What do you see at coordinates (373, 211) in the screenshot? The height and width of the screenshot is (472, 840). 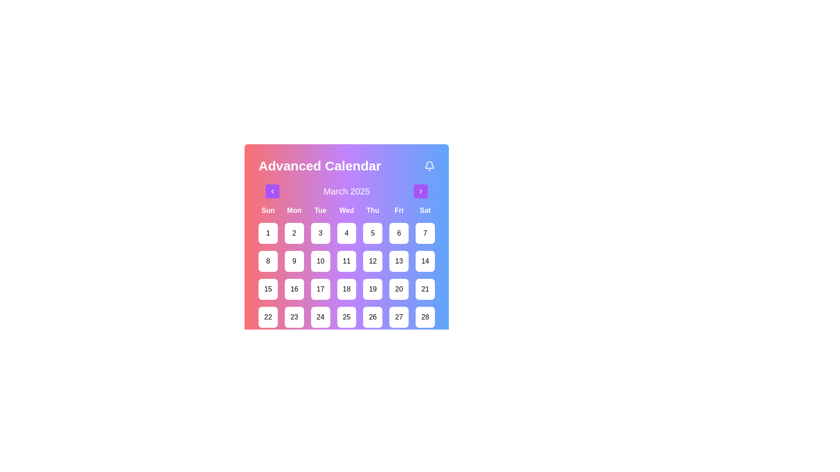 I see `the text block displaying 'Thu' in bold font, which is the fifth weekday label in the calendar header, positioned between 'Wed' and 'Fri'` at bounding box center [373, 211].